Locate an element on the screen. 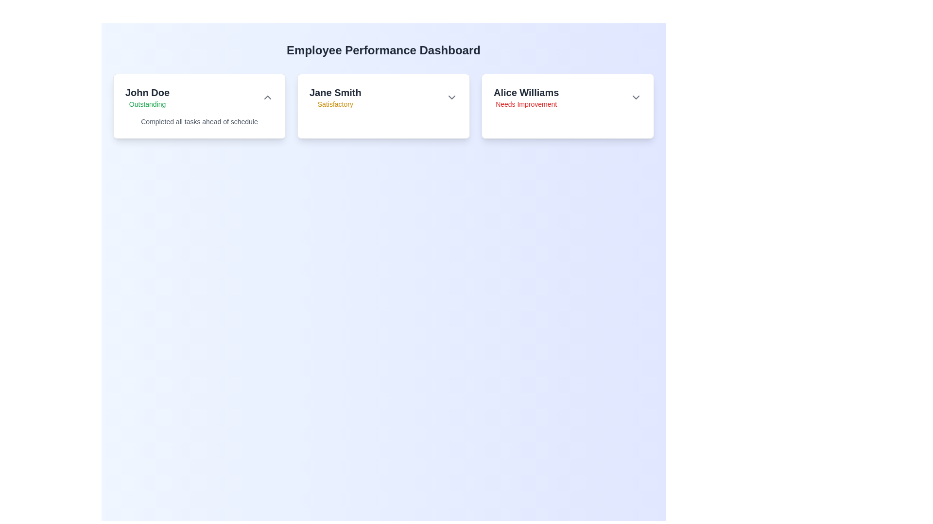 The width and height of the screenshot is (933, 524). information presented in the 'Satisfactory' label located centrally within the card for 'Jane Smith' is located at coordinates (335, 104).